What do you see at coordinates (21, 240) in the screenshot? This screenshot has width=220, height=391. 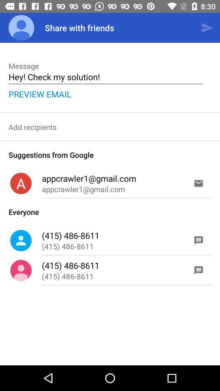 I see `the blue icon which is left side of 415 4868611` at bounding box center [21, 240].